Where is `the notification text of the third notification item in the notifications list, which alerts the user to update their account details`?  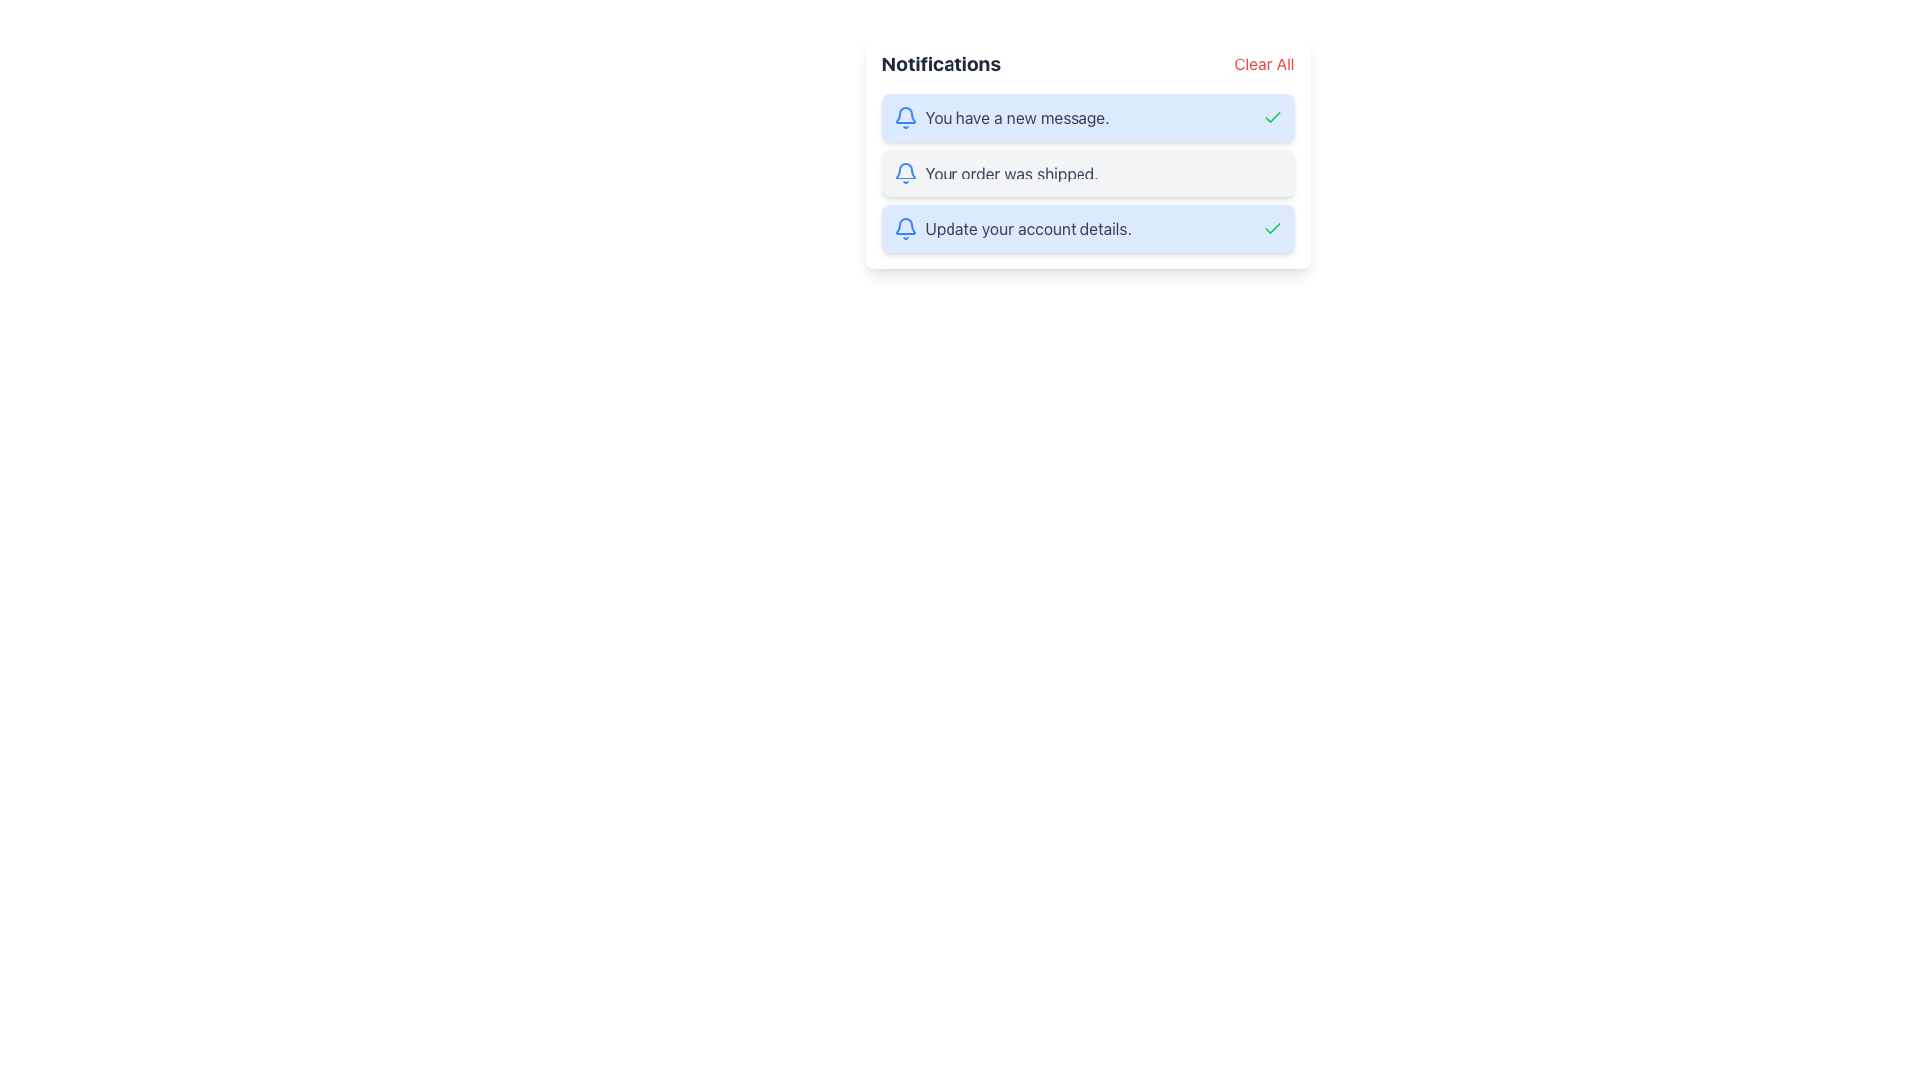 the notification text of the third notification item in the notifications list, which alerts the user to update their account details is located at coordinates (1012, 228).